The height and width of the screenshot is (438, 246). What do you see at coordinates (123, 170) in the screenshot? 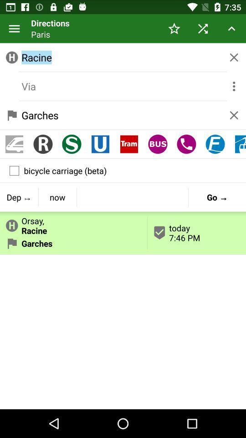
I see `bicycle carriage (beta) at the center` at bounding box center [123, 170].